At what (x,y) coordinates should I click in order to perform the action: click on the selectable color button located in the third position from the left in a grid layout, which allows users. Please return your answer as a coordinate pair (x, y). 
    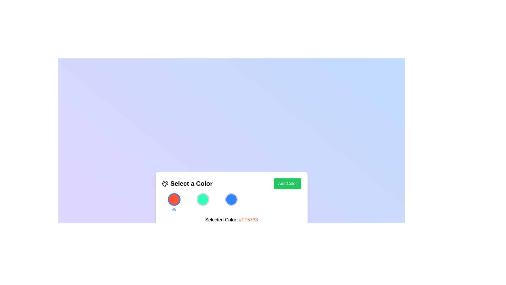
    Looking at the image, I should click on (231, 202).